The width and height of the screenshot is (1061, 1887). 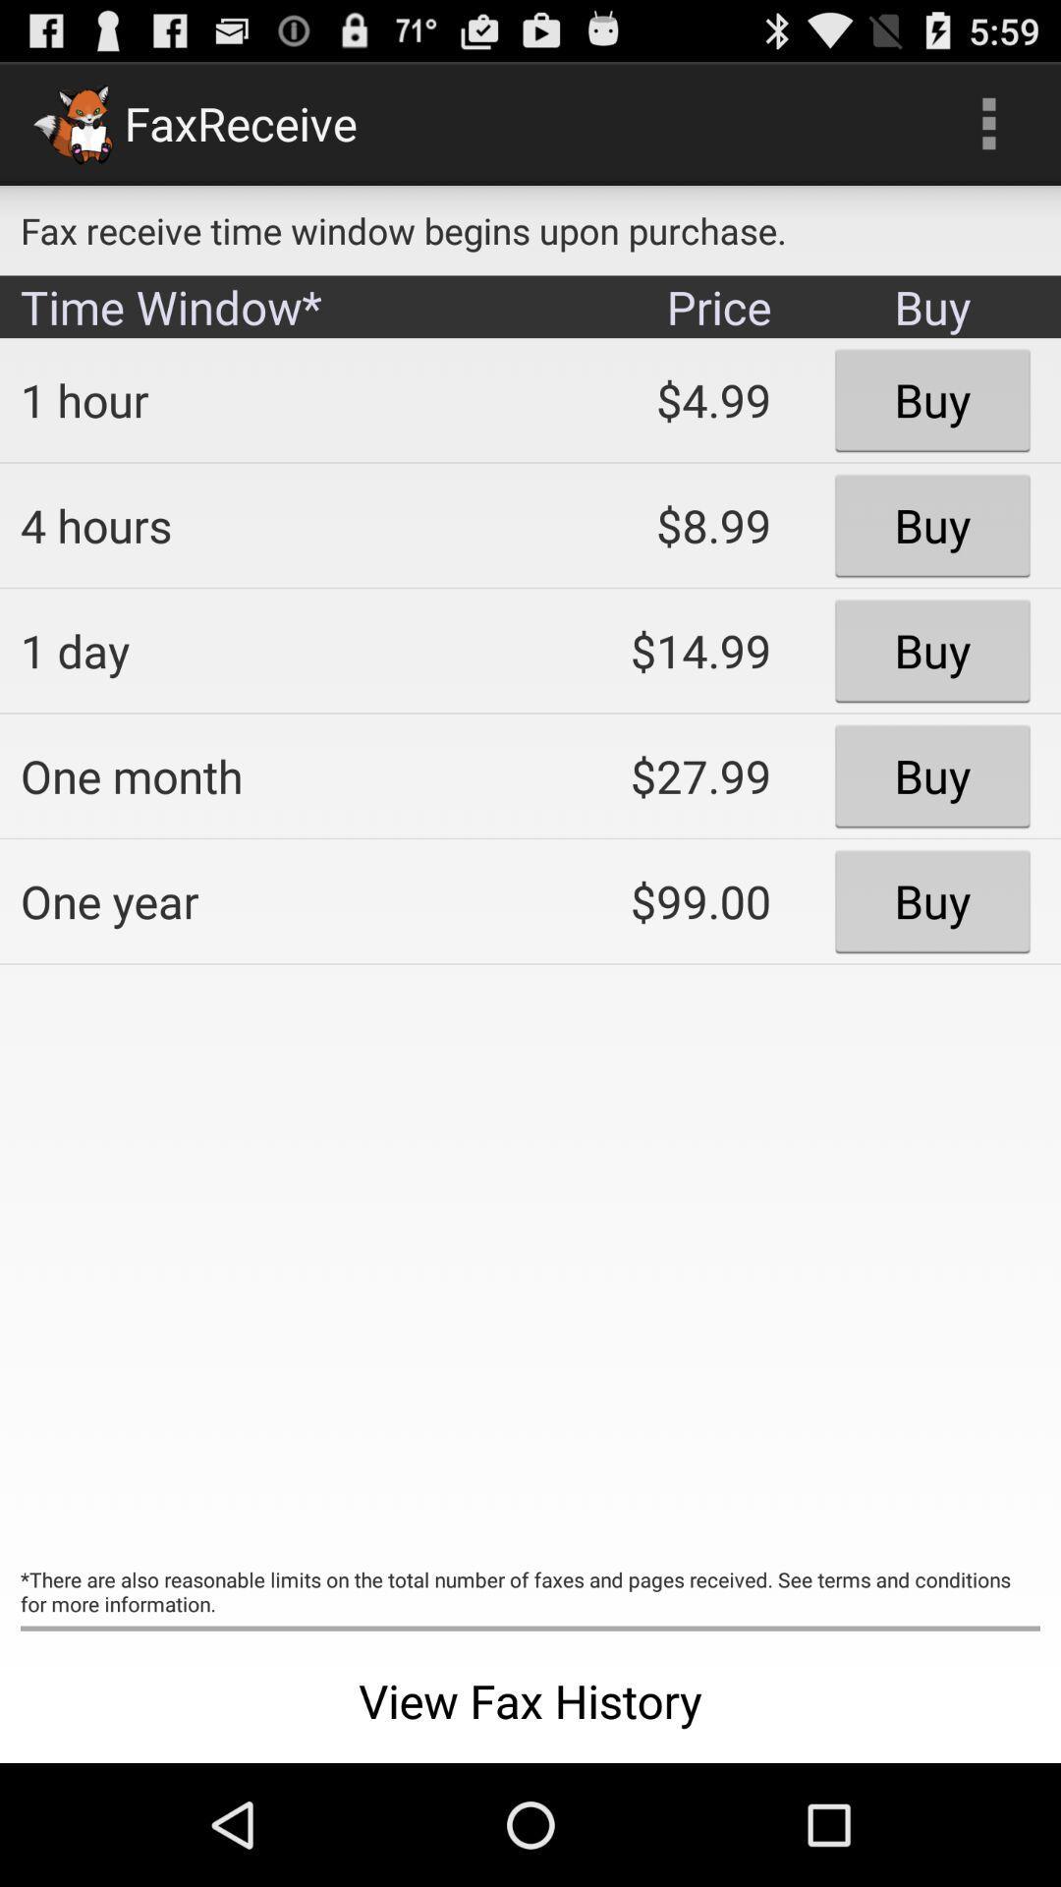 I want to click on the view fax history, so click(x=530, y=1700).